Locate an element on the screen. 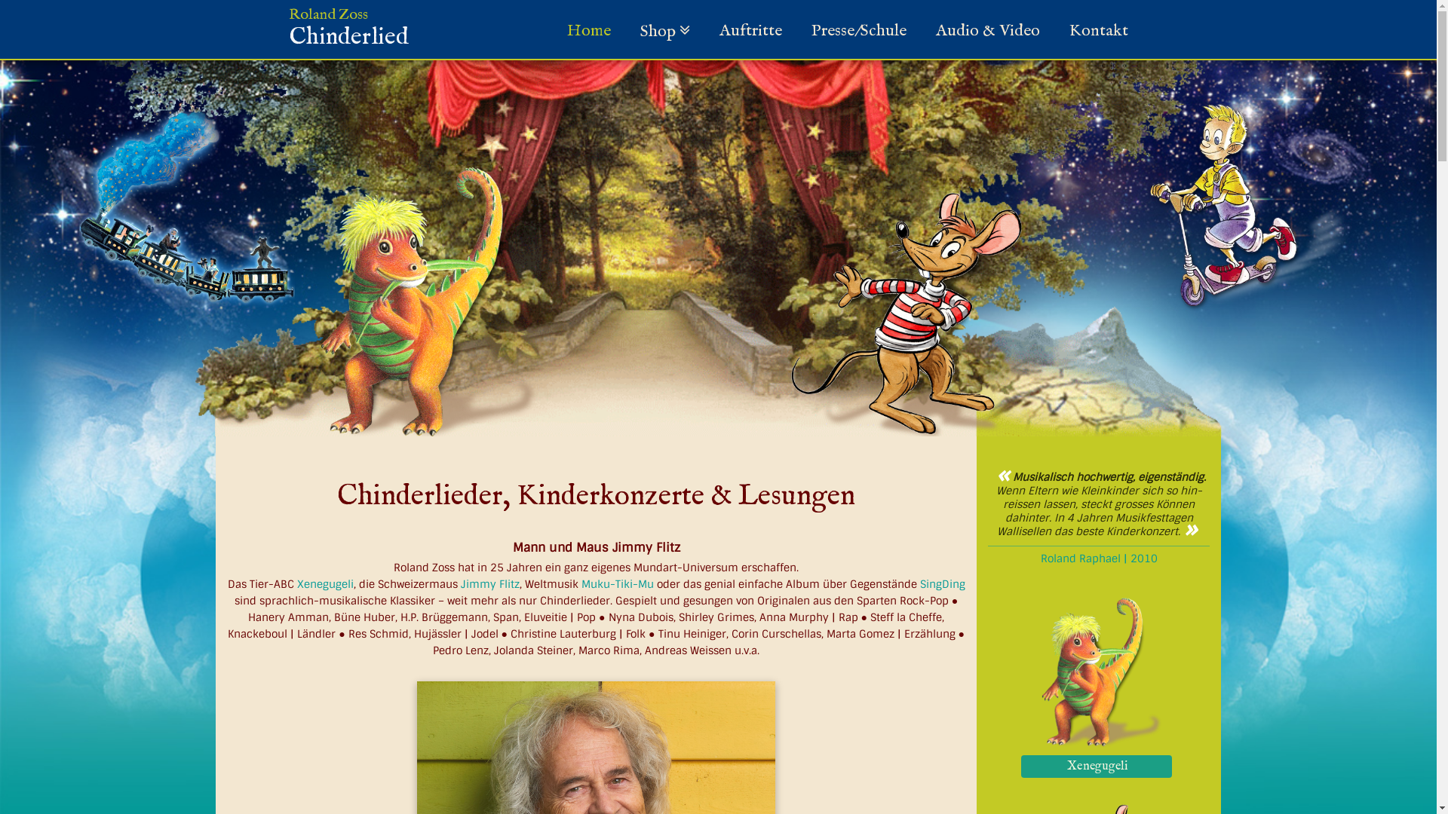 This screenshot has width=1448, height=814. 'Roland Zoss is located at coordinates (347, 34).